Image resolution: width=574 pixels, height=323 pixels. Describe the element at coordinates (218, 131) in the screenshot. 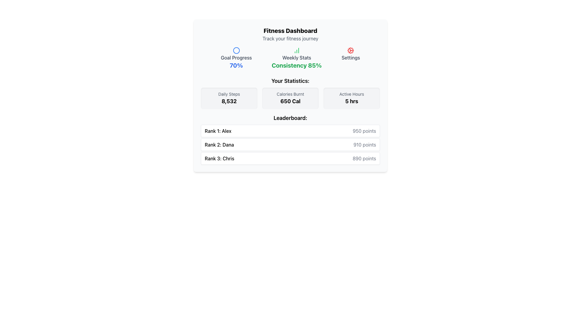

I see `displayed text 'Rank 1: Alex' from the leaderboard UI component, which is positioned to the left of the points text` at that location.